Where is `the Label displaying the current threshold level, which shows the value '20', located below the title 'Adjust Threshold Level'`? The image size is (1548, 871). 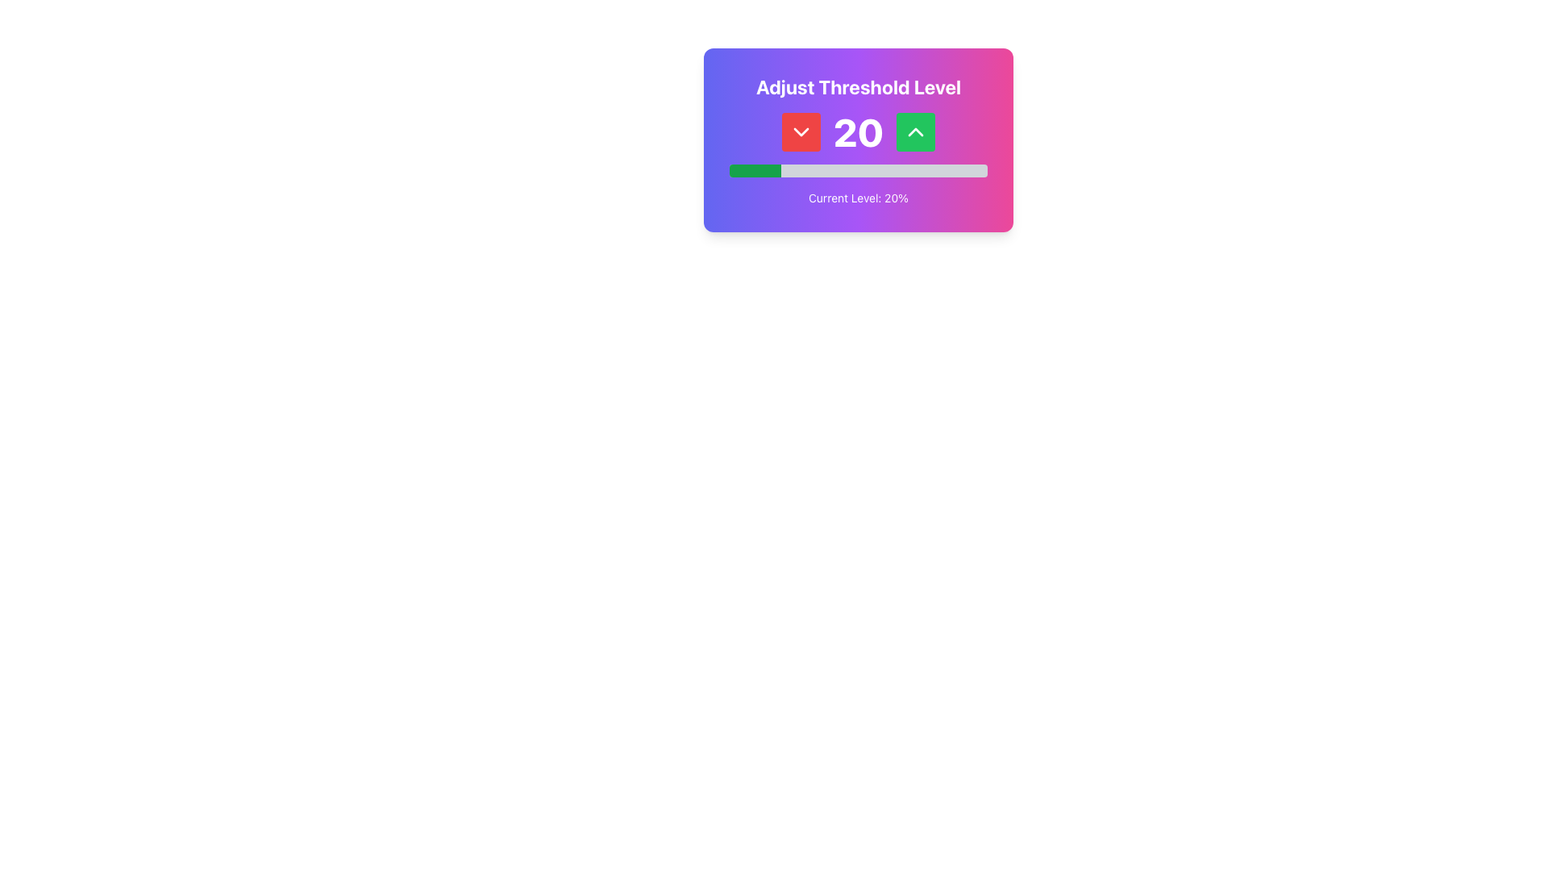
the Label displaying the current threshold level, which shows the value '20', located below the title 'Adjust Threshold Level' is located at coordinates (858, 131).